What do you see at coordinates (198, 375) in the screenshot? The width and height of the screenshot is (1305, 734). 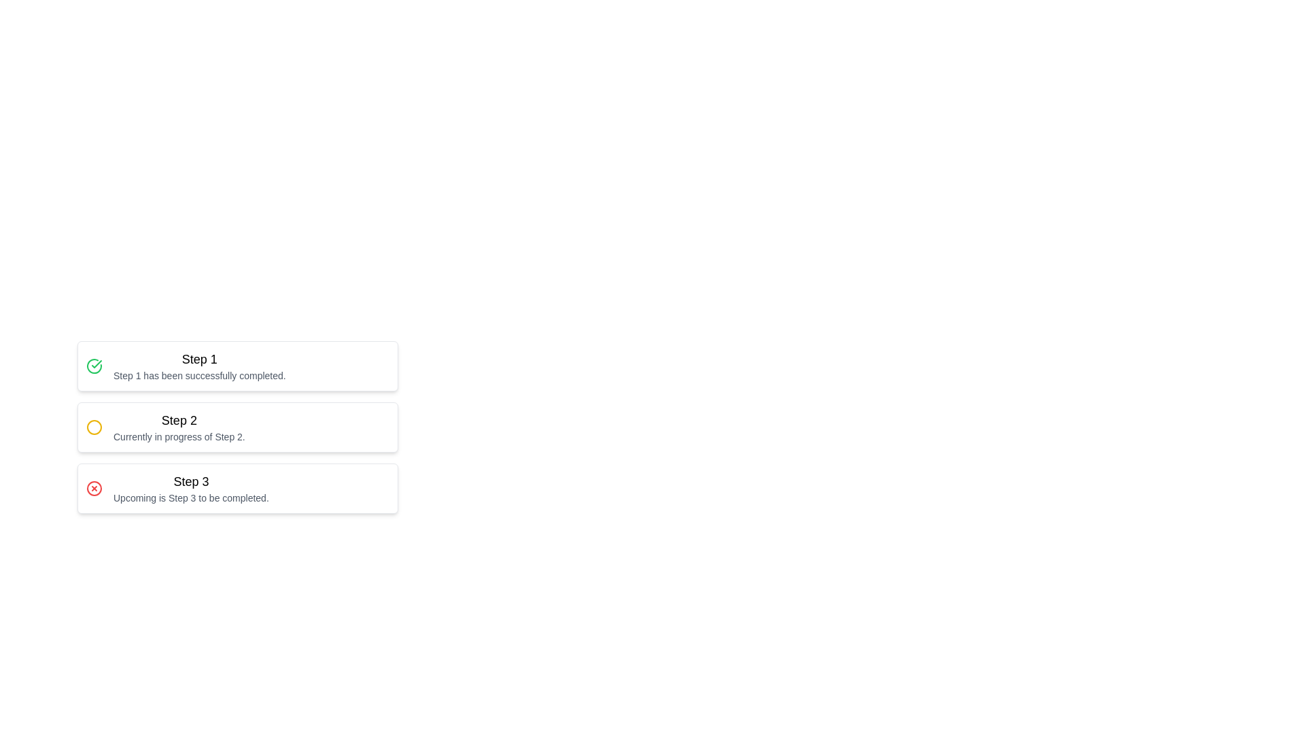 I see `the text element that reads 'Step 1 has been successfully completed.' located below 'Step 1' in a step-based layout` at bounding box center [198, 375].